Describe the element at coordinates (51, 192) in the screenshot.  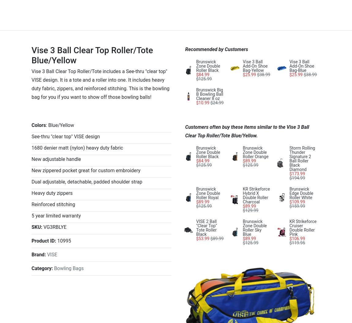
I see `'Heavy duty zippers'` at that location.